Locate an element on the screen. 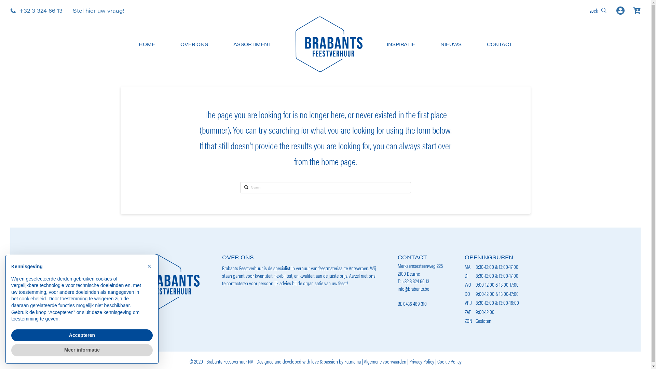  'cookiebeleid' is located at coordinates (32, 298).